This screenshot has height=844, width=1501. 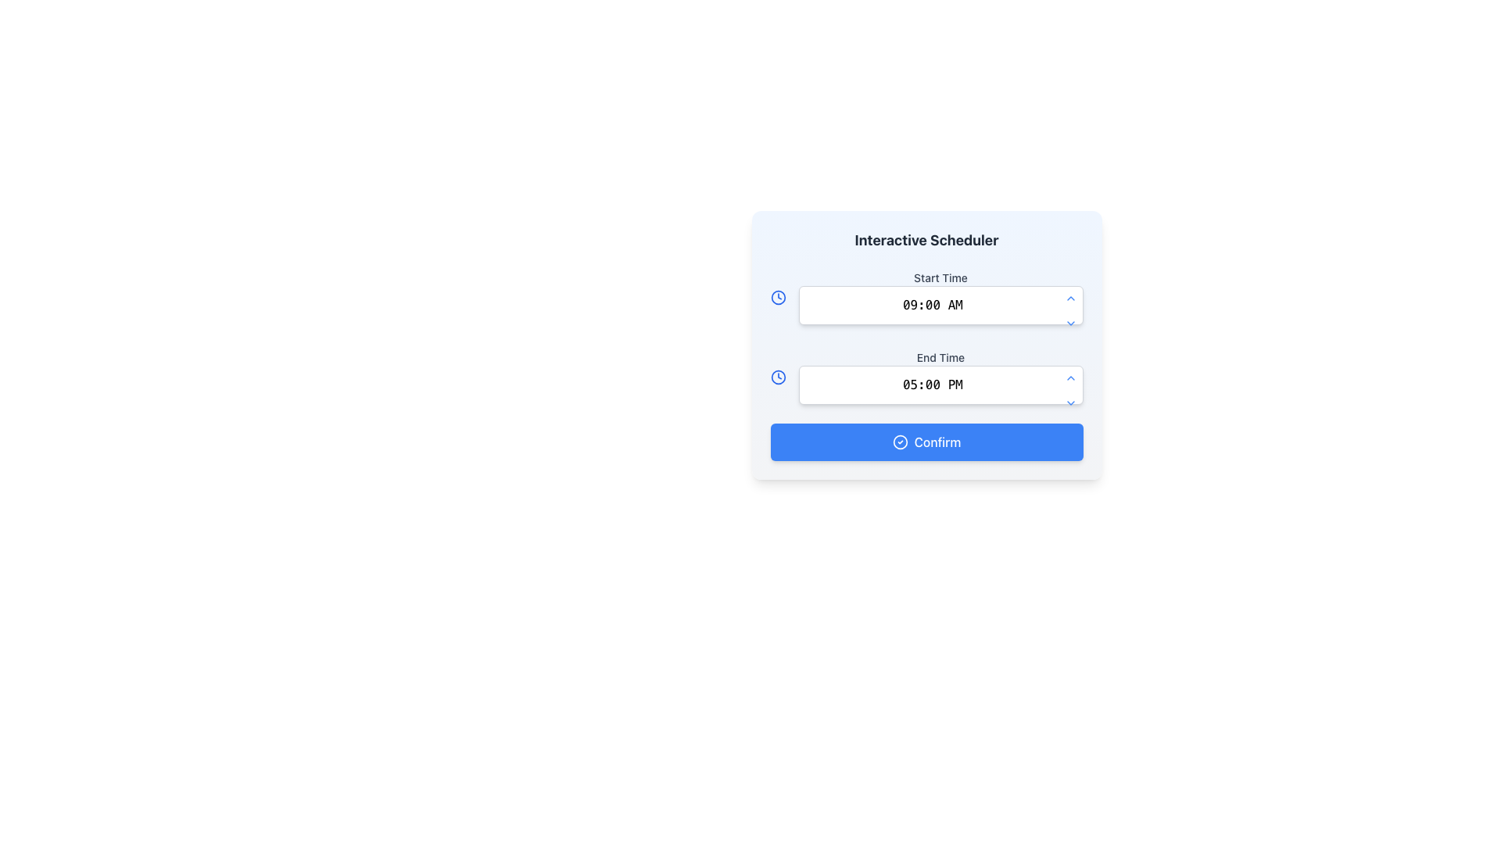 I want to click on the chevron of the Dropdown Indicator located at the rightmost part of the second time input field in the scheduler interface, so click(x=1069, y=322).